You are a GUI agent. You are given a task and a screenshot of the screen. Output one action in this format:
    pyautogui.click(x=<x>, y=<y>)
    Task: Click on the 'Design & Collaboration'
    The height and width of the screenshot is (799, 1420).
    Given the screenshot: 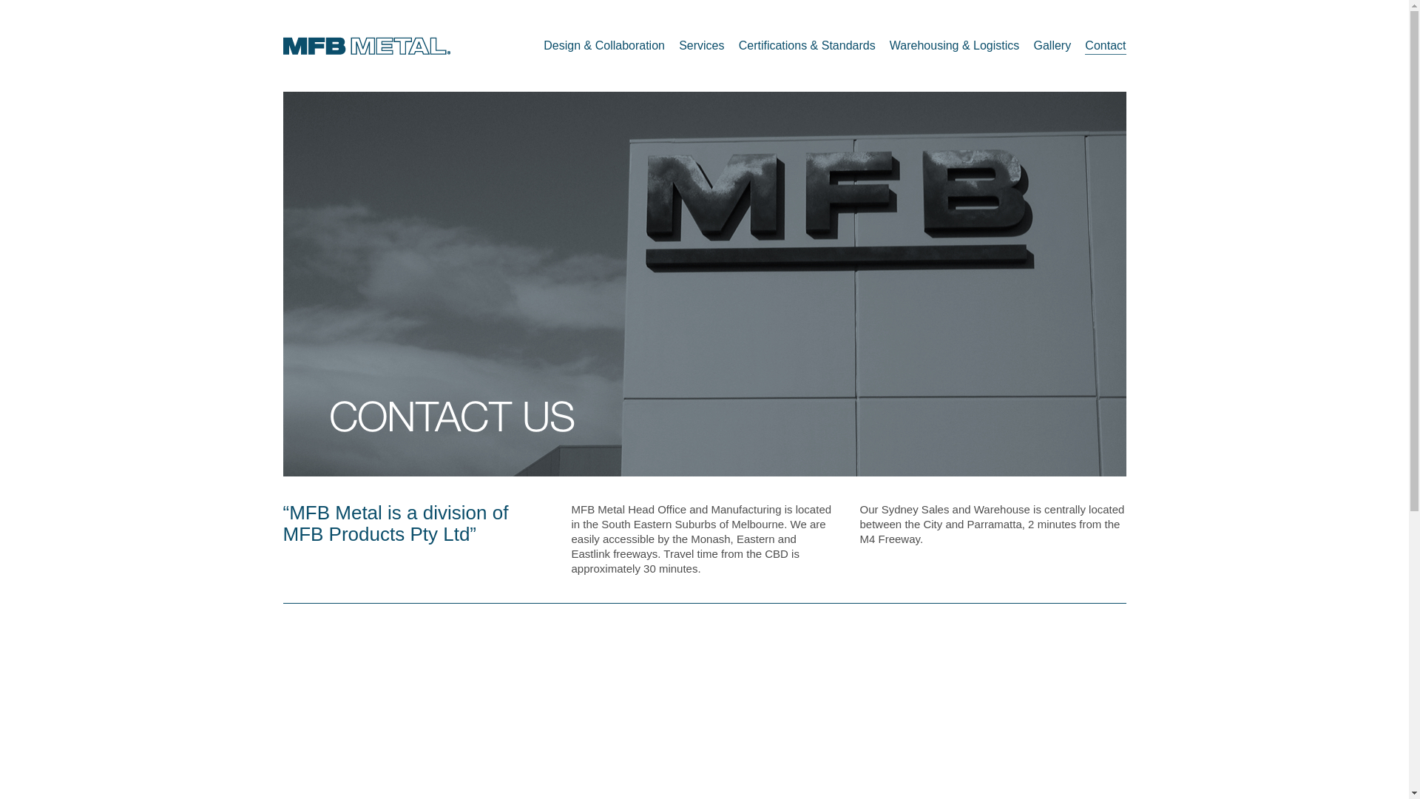 What is the action you would take?
    pyautogui.click(x=542, y=44)
    